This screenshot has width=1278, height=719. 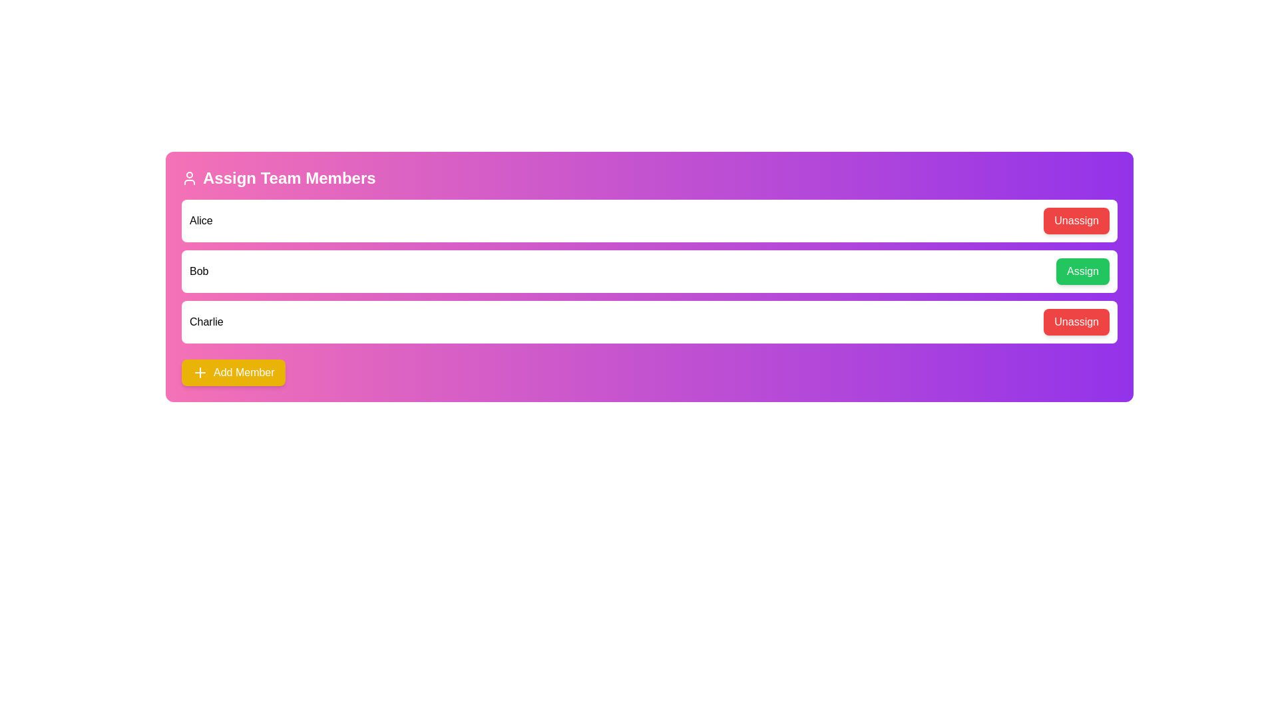 What do you see at coordinates (1076, 322) in the screenshot?
I see `the button for unassigning tasks associated with the user 'Charlie', located in the third row at the far right of the purple interface box` at bounding box center [1076, 322].